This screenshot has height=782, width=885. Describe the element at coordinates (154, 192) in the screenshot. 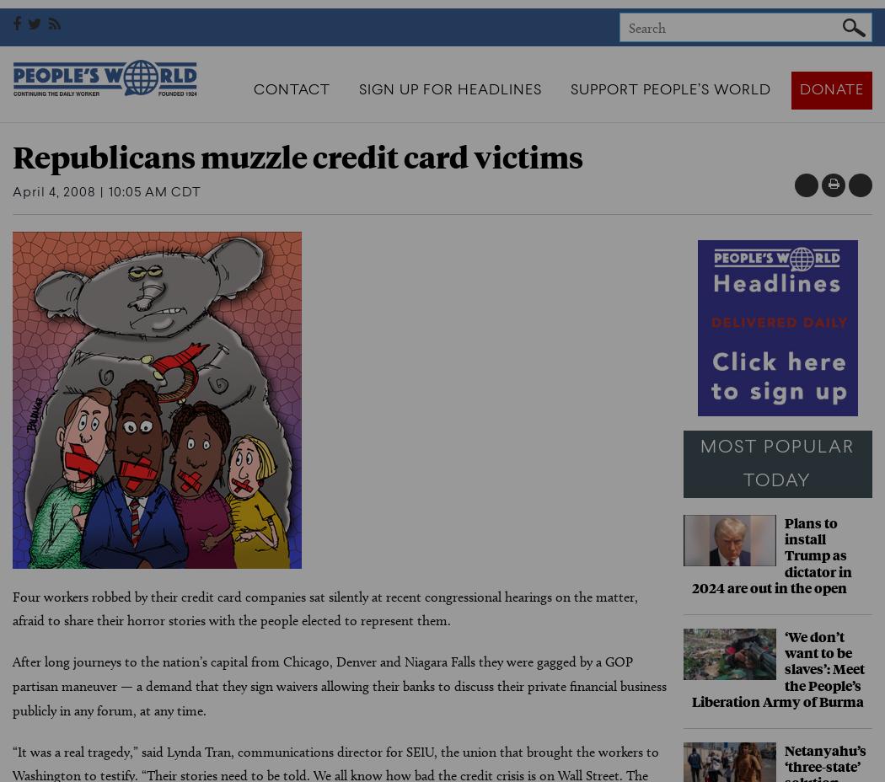

I see `'10:05 AM CDT'` at that location.